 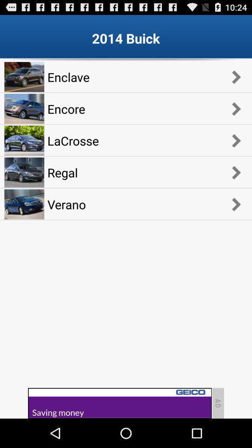 What do you see at coordinates (217, 403) in the screenshot?
I see `the text ad` at bounding box center [217, 403].